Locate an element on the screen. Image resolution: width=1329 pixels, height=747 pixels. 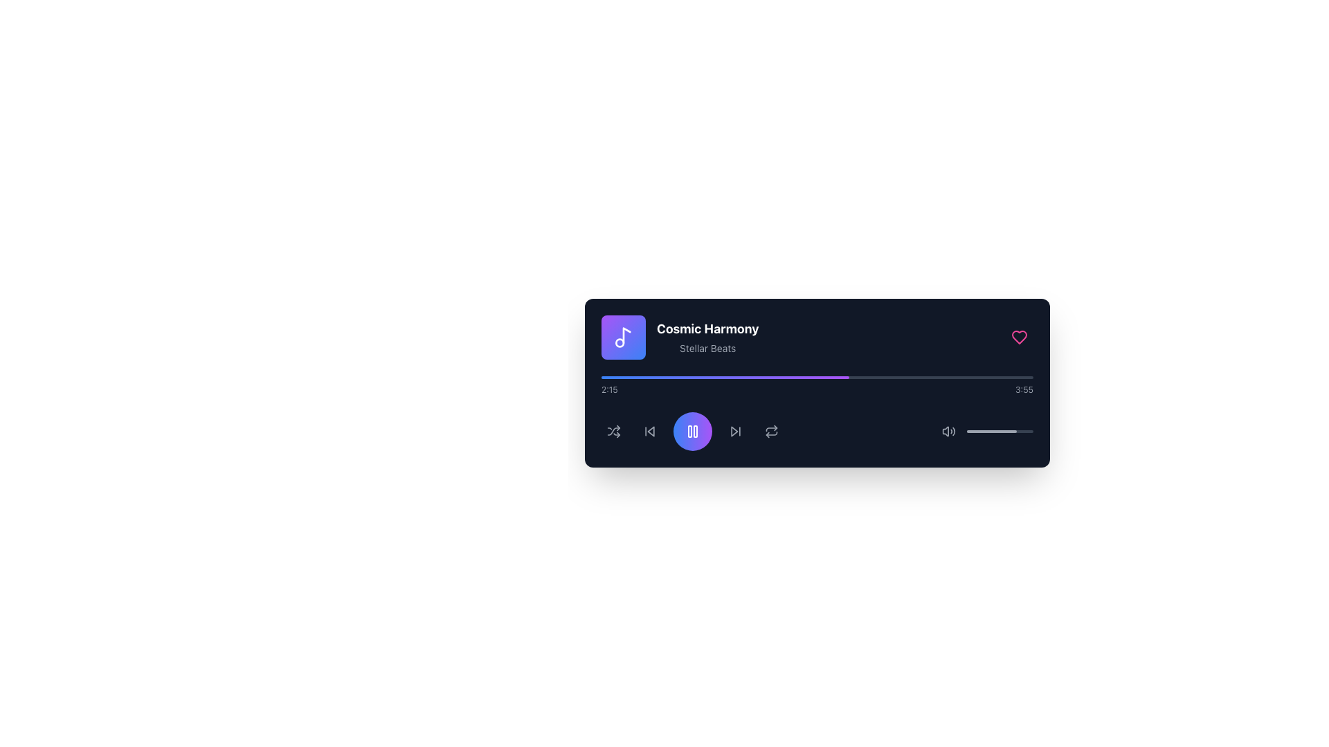
the current playback position is located at coordinates (671, 378).